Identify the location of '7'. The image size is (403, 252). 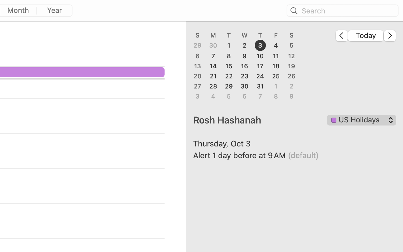
(213, 56).